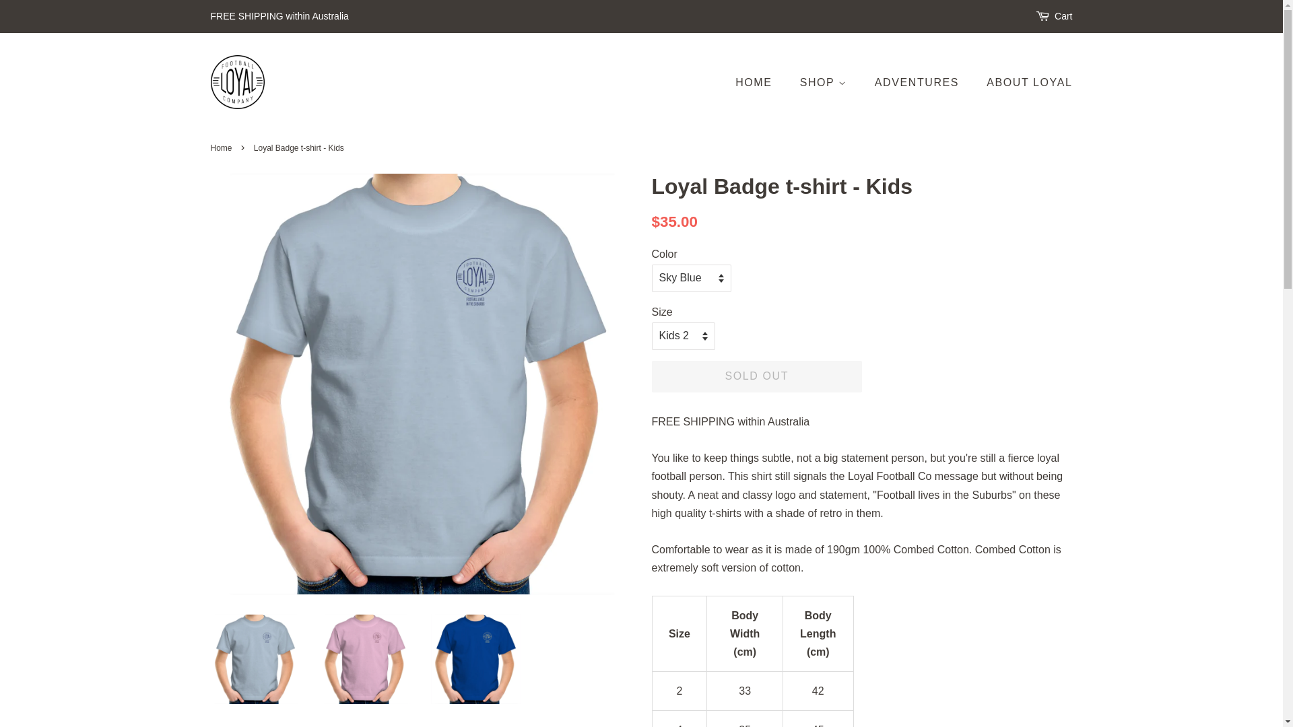 This screenshot has height=727, width=1293. What do you see at coordinates (1063, 16) in the screenshot?
I see `'Cart'` at bounding box center [1063, 16].